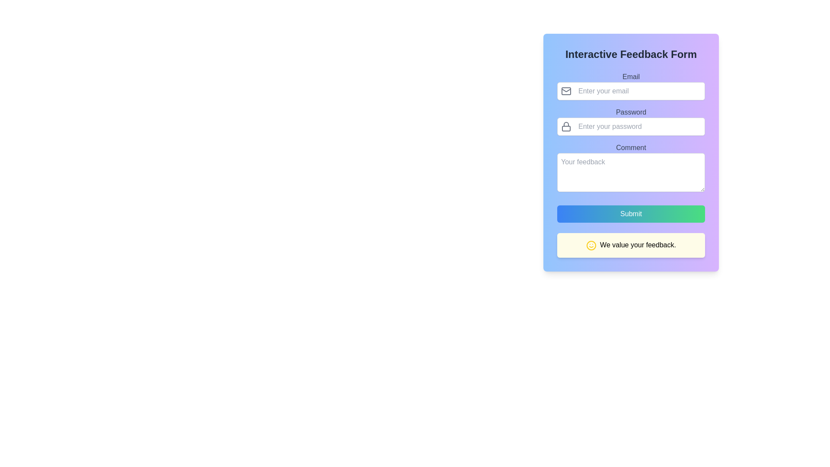  Describe the element at coordinates (591, 245) in the screenshot. I see `the smiley face circle that contributes to the happy expression, located to the left of the text label 'We value your feedback.'` at that location.